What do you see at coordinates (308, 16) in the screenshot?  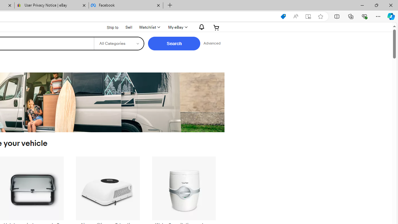 I see `'Enter Immersive Reader (F9)'` at bounding box center [308, 16].